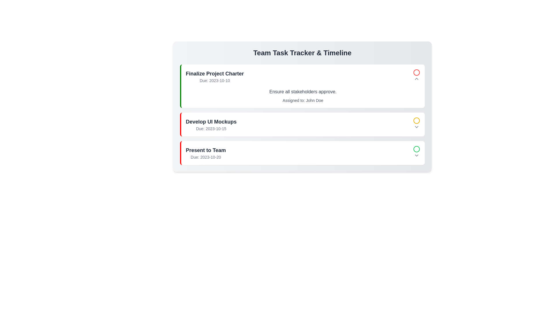  I want to click on the Text label that indicates the due date for the task 'Develop UI Mockups', located in the center panel below the task title in the task tracker interface, so click(211, 128).